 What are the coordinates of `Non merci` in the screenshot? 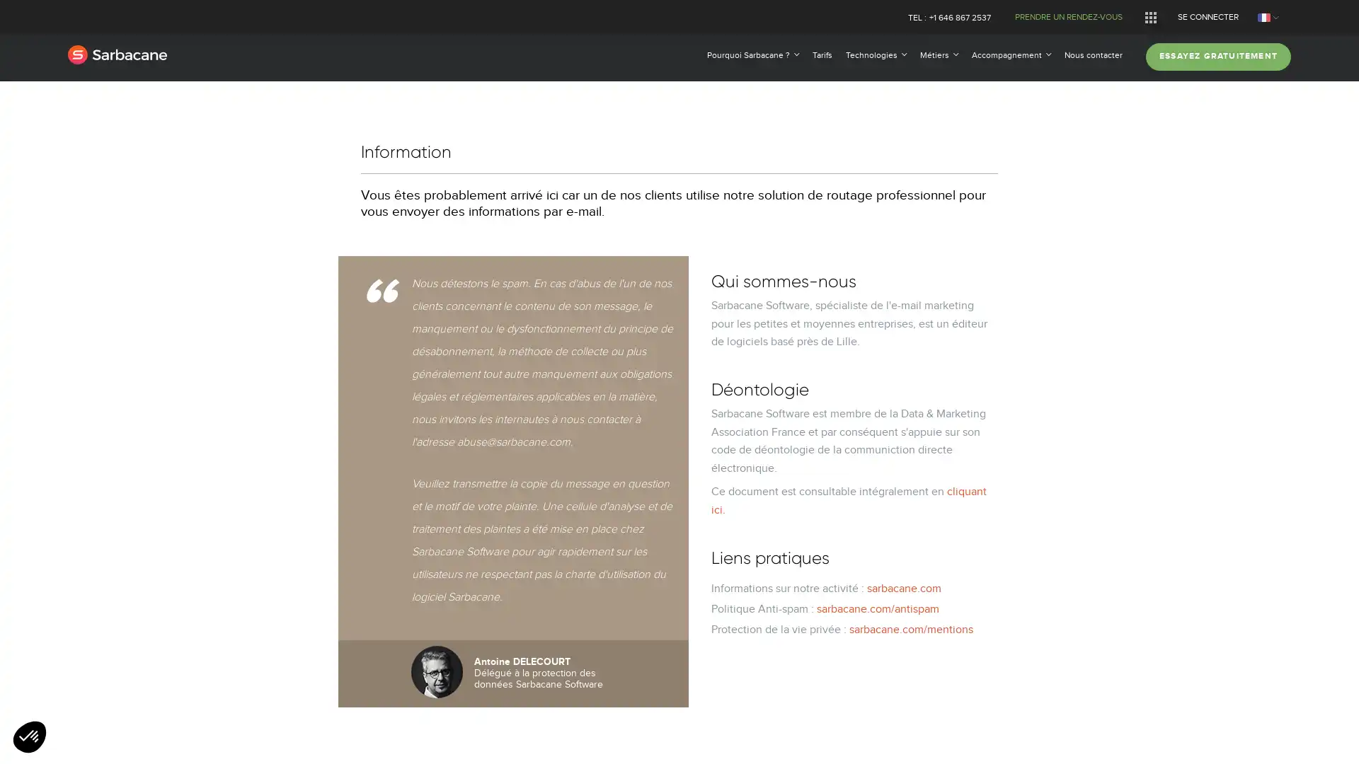 It's located at (566, 478).